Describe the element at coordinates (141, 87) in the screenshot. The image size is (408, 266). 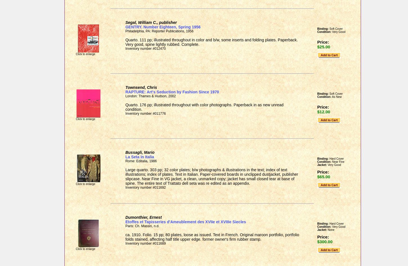
I see `'Townsend, Chris'` at that location.